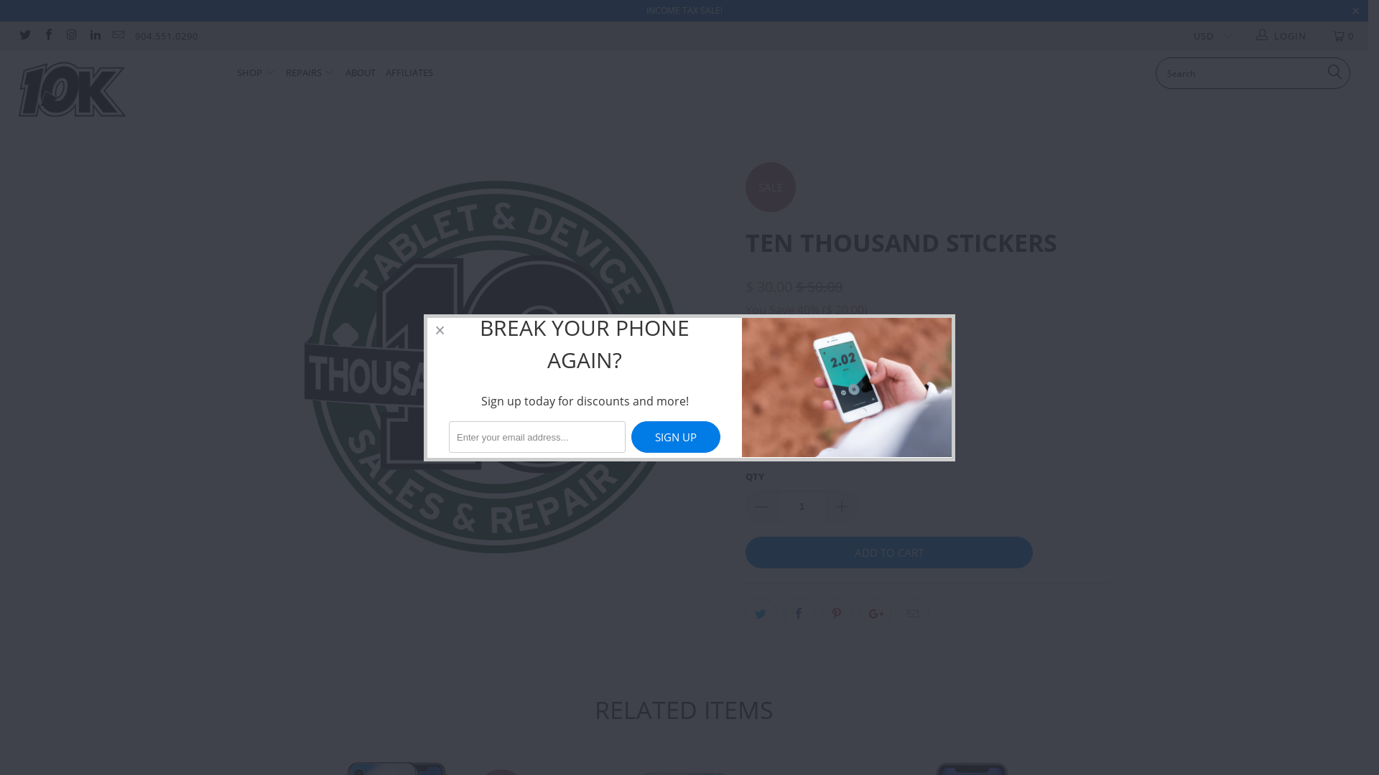 The image size is (1379, 775). I want to click on 'Email this to a friend', so click(913, 614).